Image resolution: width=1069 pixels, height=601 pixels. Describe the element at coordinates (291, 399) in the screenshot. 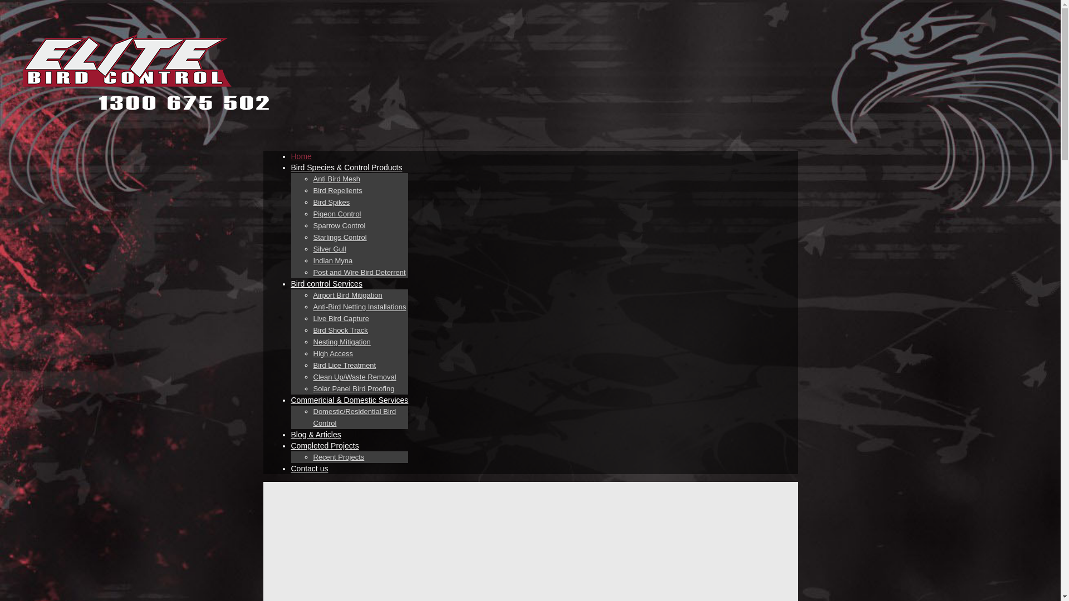

I see `'Commericial & Domestic Services'` at that location.